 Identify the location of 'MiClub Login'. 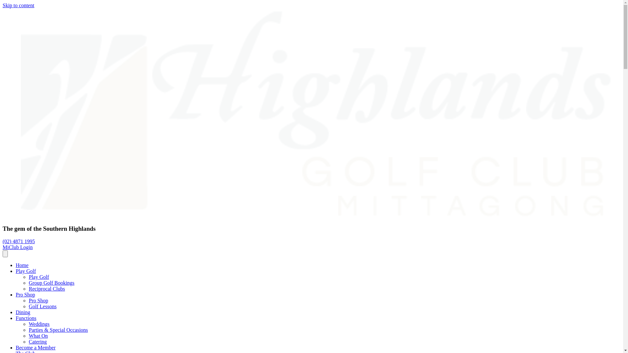
(17, 247).